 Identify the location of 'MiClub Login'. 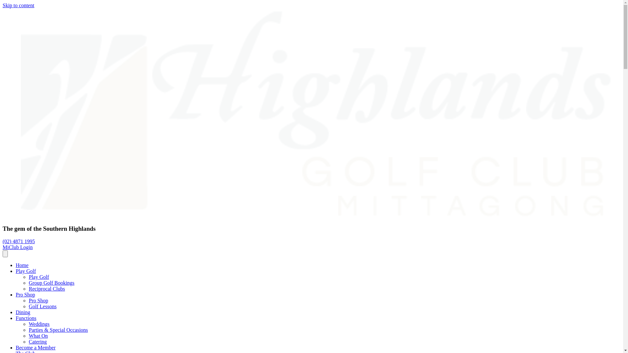
(17, 247).